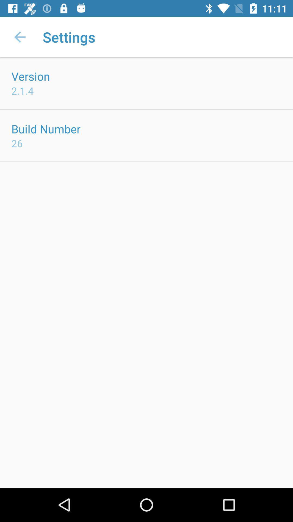 The image size is (293, 522). I want to click on build number icon, so click(46, 129).